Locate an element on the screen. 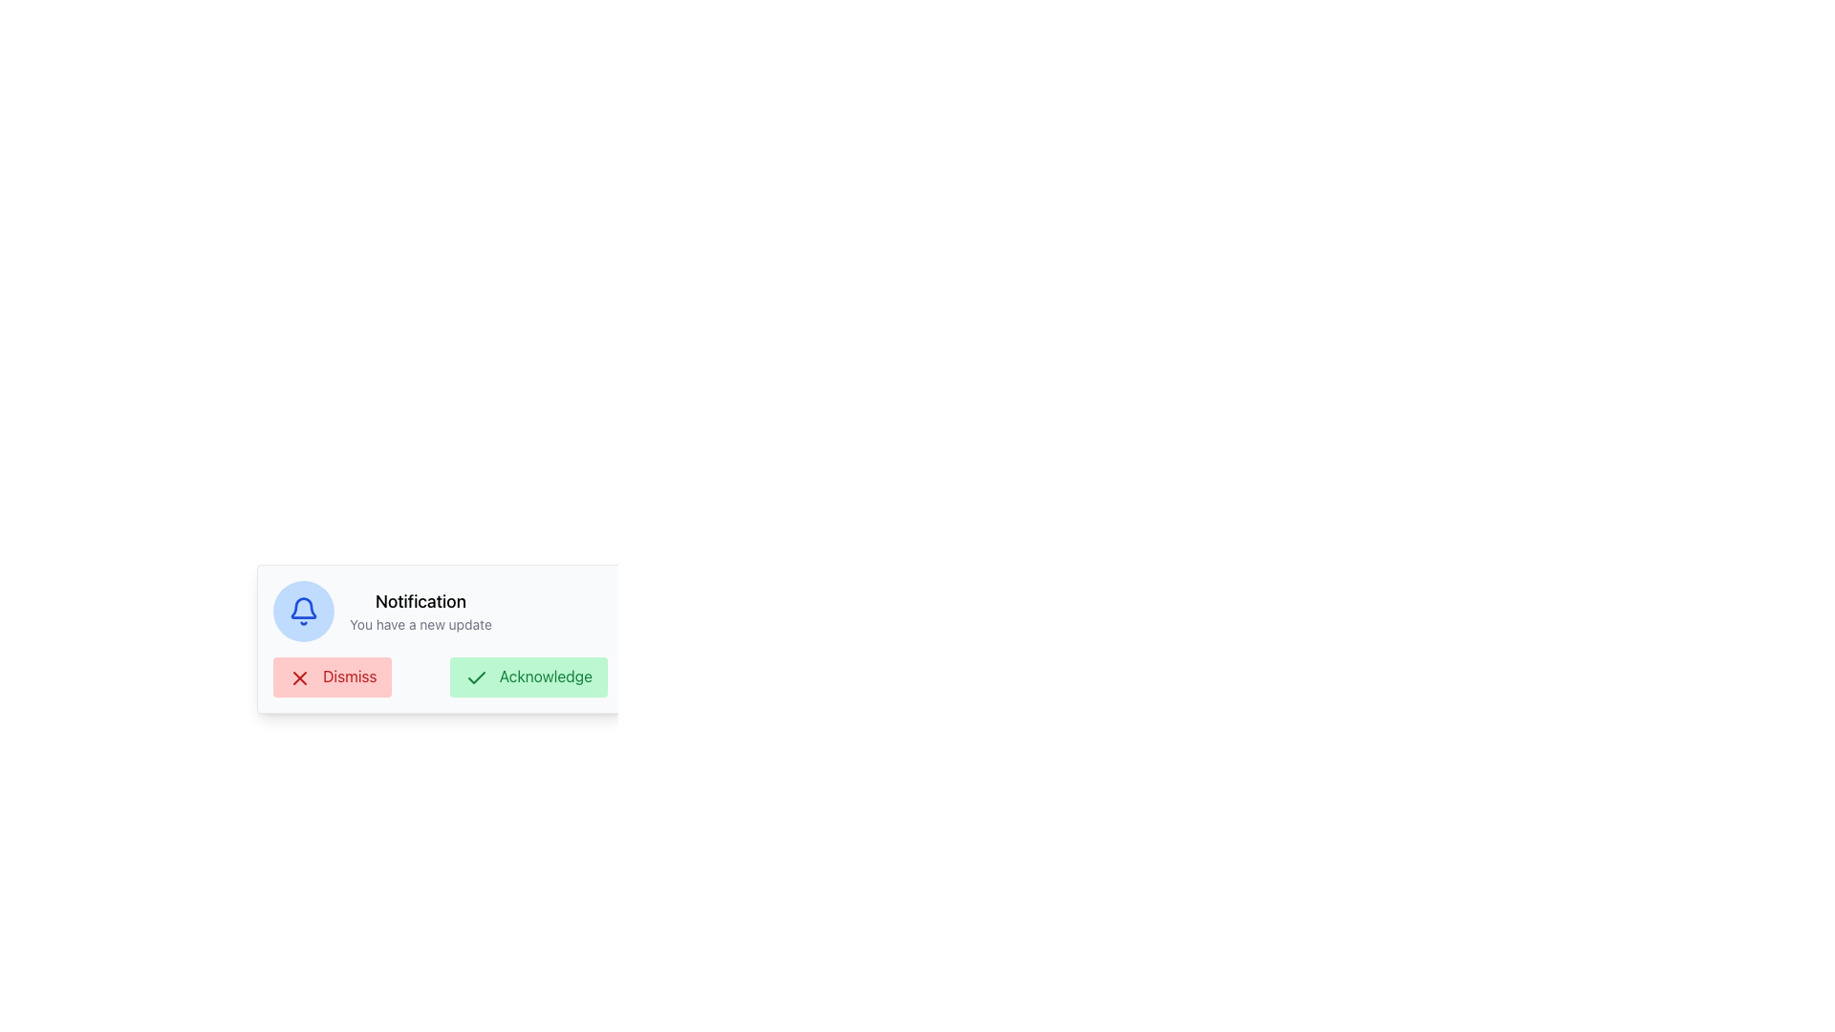 The height and width of the screenshot is (1032, 1835). the notification icon, which is a circular blue background area located to the left of the text 'Notification' is located at coordinates (302, 612).